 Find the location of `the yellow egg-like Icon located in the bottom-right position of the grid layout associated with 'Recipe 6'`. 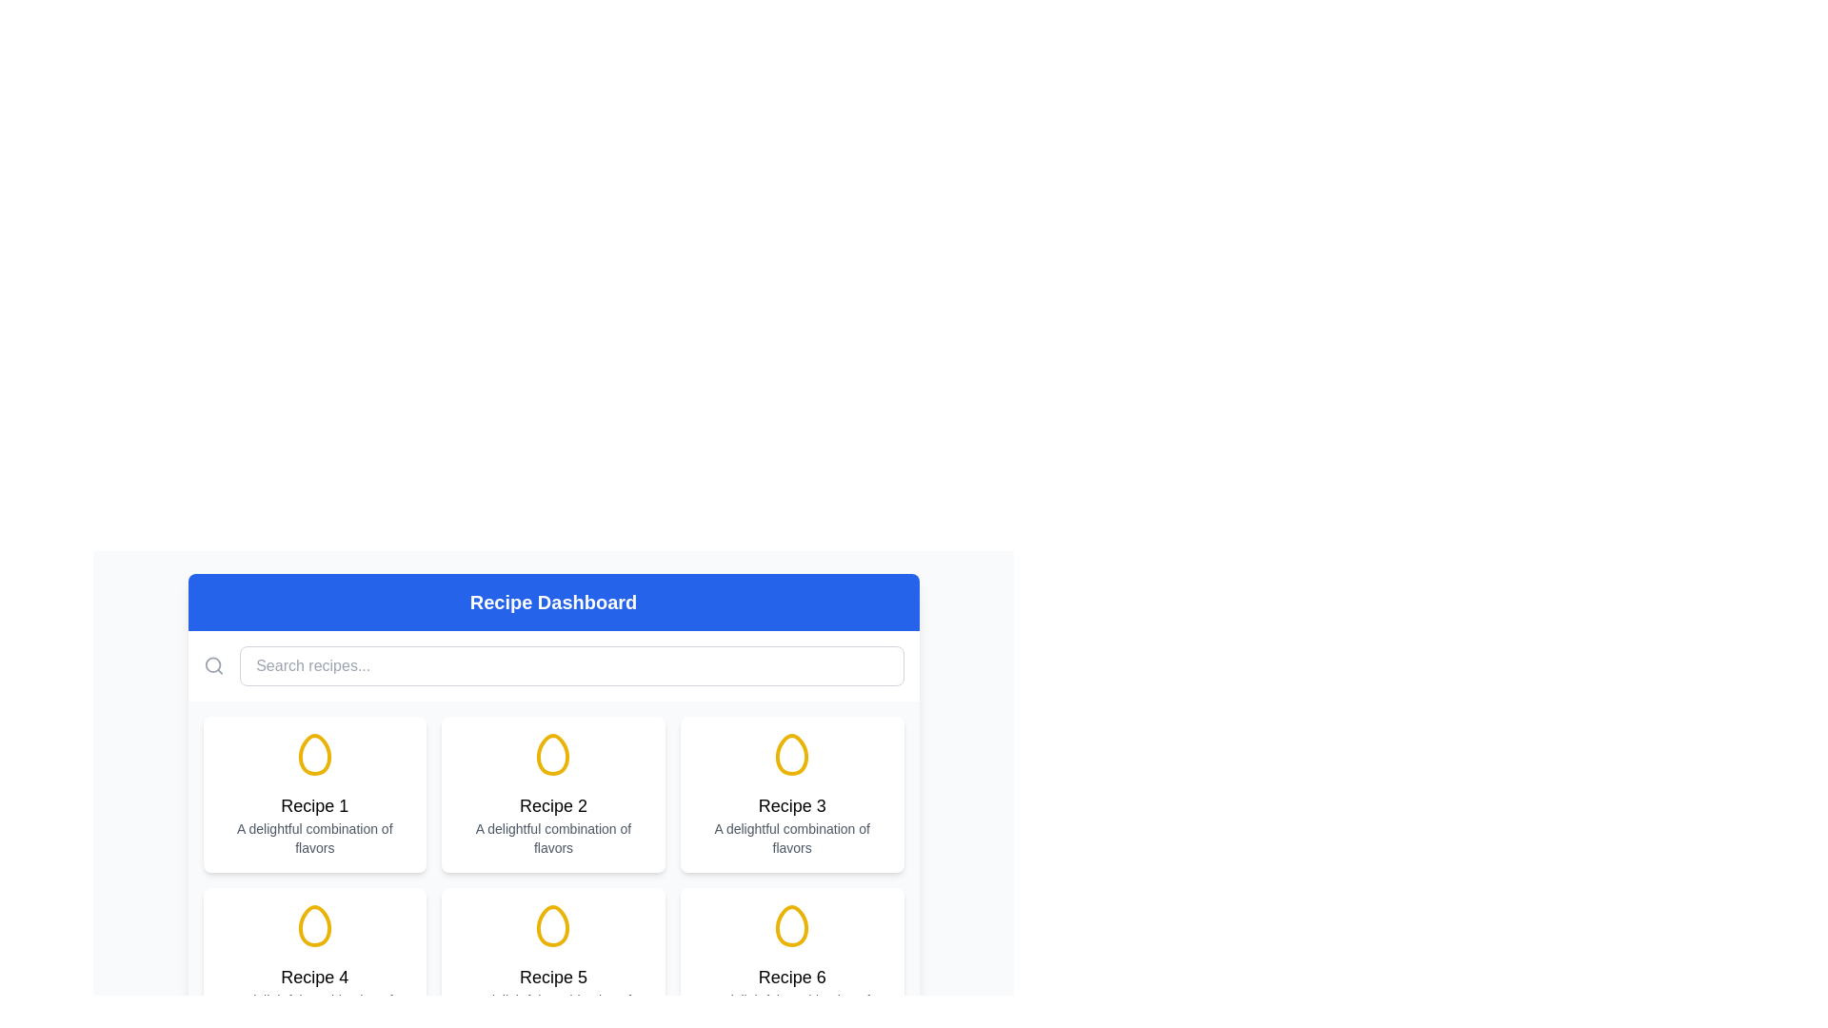

the yellow egg-like Icon located in the bottom-right position of the grid layout associated with 'Recipe 6' is located at coordinates (792, 924).